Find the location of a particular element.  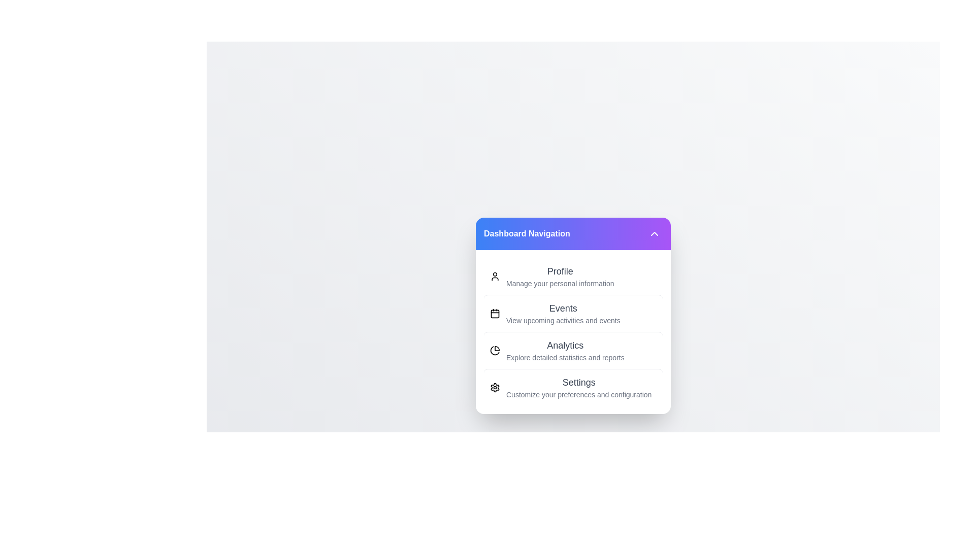

the menu option Events is located at coordinates (573, 313).